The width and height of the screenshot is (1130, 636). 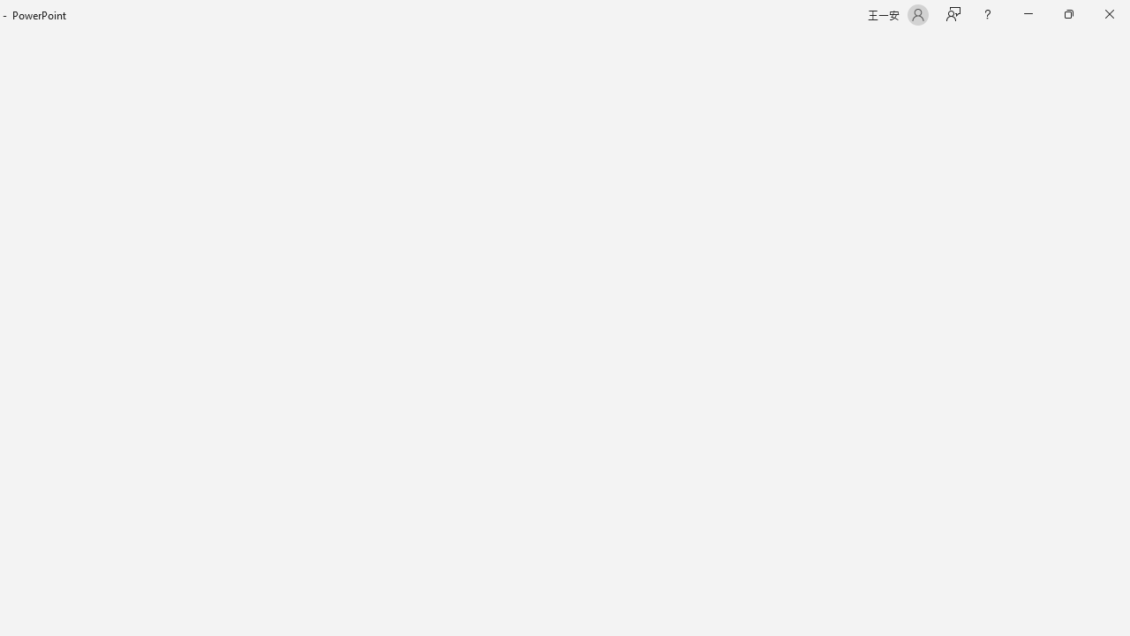 I want to click on 'Restore Down', so click(x=1067, y=14).